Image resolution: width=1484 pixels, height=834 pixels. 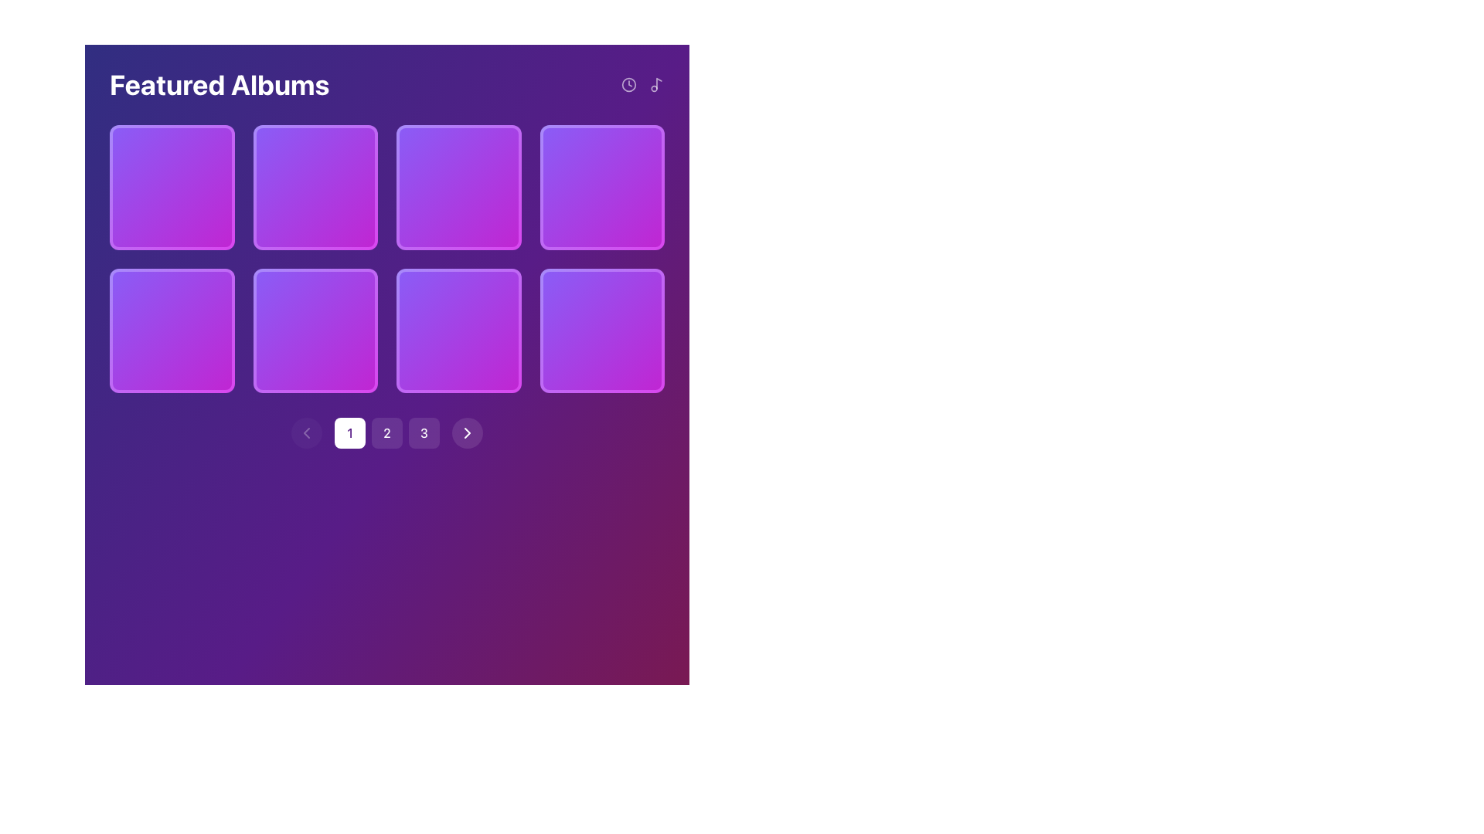 What do you see at coordinates (315, 205) in the screenshot?
I see `the contents of the informational overlay panel displaying album name 'Album 2', artist name 'Artist 2', and track details '55:179 tracks', located in the second column of the first row of a grid layout` at bounding box center [315, 205].